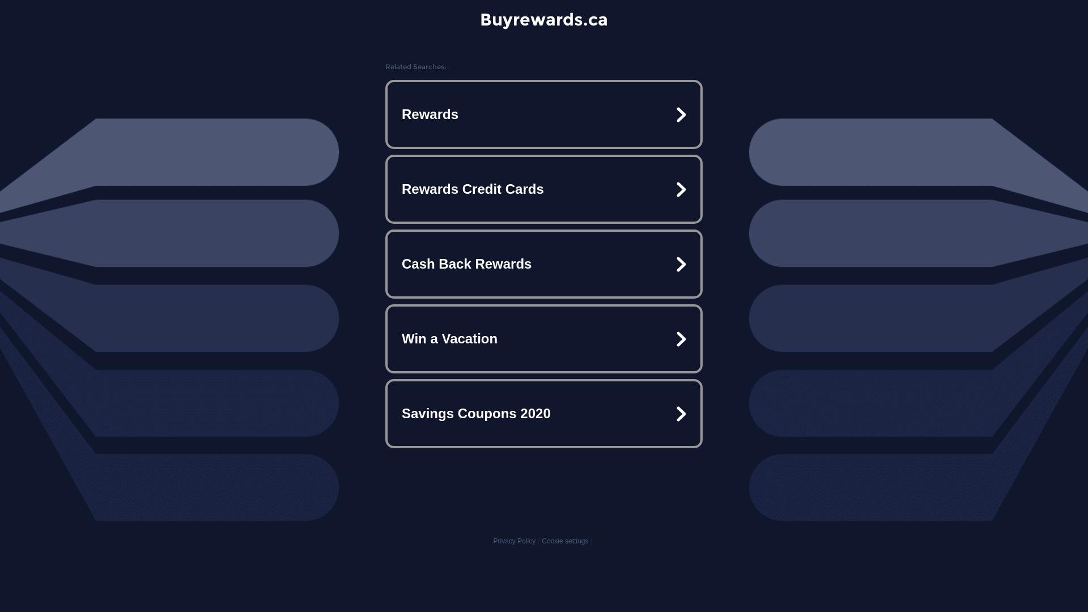 This screenshot has width=1088, height=612. I want to click on 'Cookie settings', so click(565, 541).